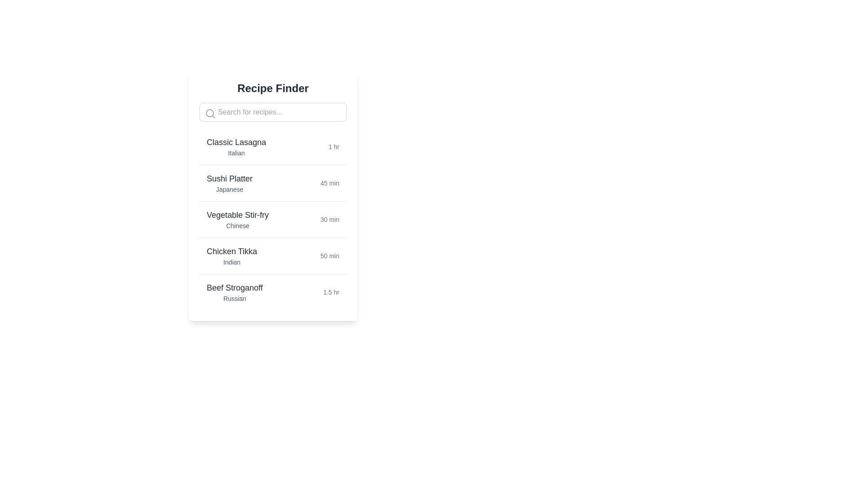  What do you see at coordinates (329, 220) in the screenshot?
I see `the '30 min' duration text label in light gray, located at the far right of the 'Vegetable Stir-fry Chinese' recipe card` at bounding box center [329, 220].